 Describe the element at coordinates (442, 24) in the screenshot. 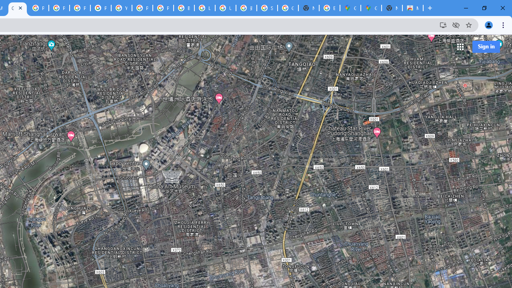

I see `'Install Google Maps'` at that location.